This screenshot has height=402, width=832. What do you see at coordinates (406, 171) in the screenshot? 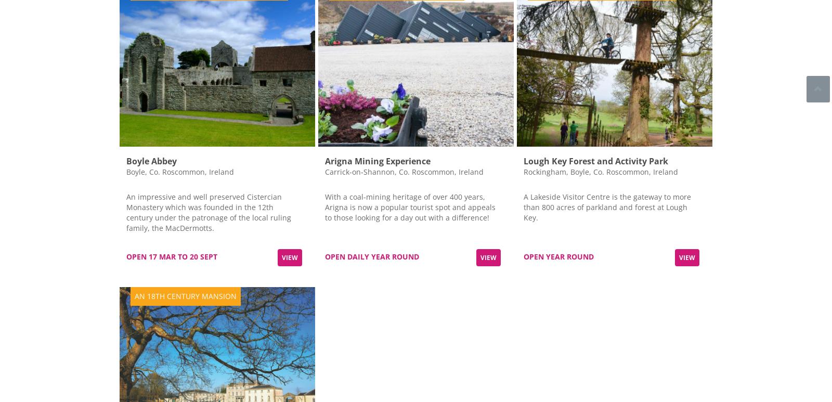
I see `'Carrick-on-Shannon, Co. Roscommon, Ireland'` at bounding box center [406, 171].